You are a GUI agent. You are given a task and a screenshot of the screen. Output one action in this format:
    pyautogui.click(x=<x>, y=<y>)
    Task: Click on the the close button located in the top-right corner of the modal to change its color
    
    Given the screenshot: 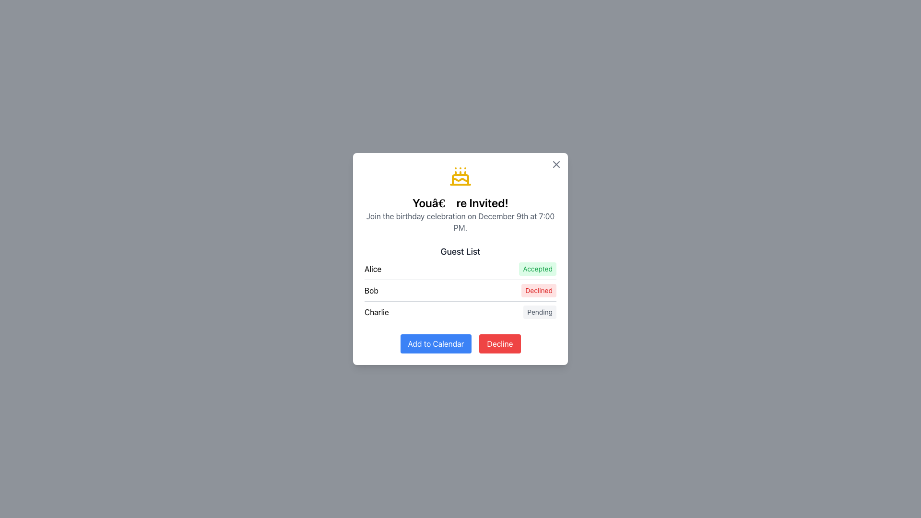 What is the action you would take?
    pyautogui.click(x=556, y=164)
    